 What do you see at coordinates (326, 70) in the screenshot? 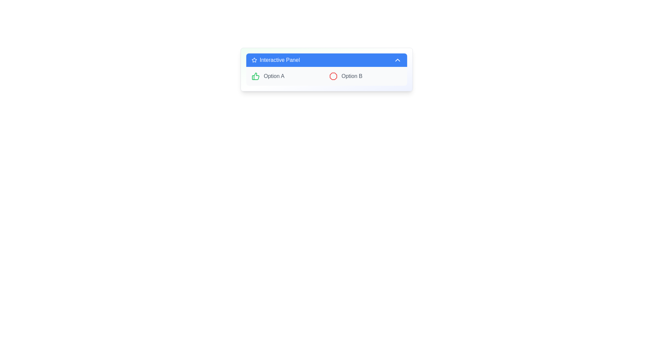
I see `the selectable panel interface to choose between 'Option A' and 'Option B'` at bounding box center [326, 70].